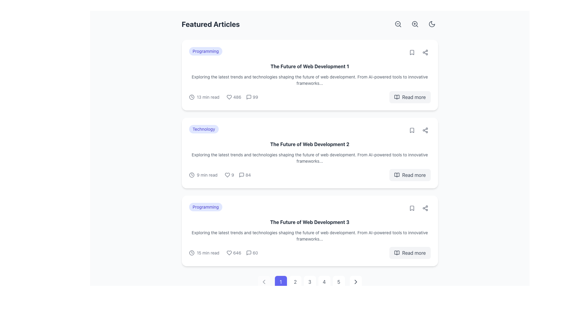 This screenshot has height=326, width=580. Describe the element at coordinates (397, 97) in the screenshot. I see `the open book SVG icon component located on the left-hand side of the 'Read more' button in the first content card under 'The Future of Web Development 1.'` at that location.